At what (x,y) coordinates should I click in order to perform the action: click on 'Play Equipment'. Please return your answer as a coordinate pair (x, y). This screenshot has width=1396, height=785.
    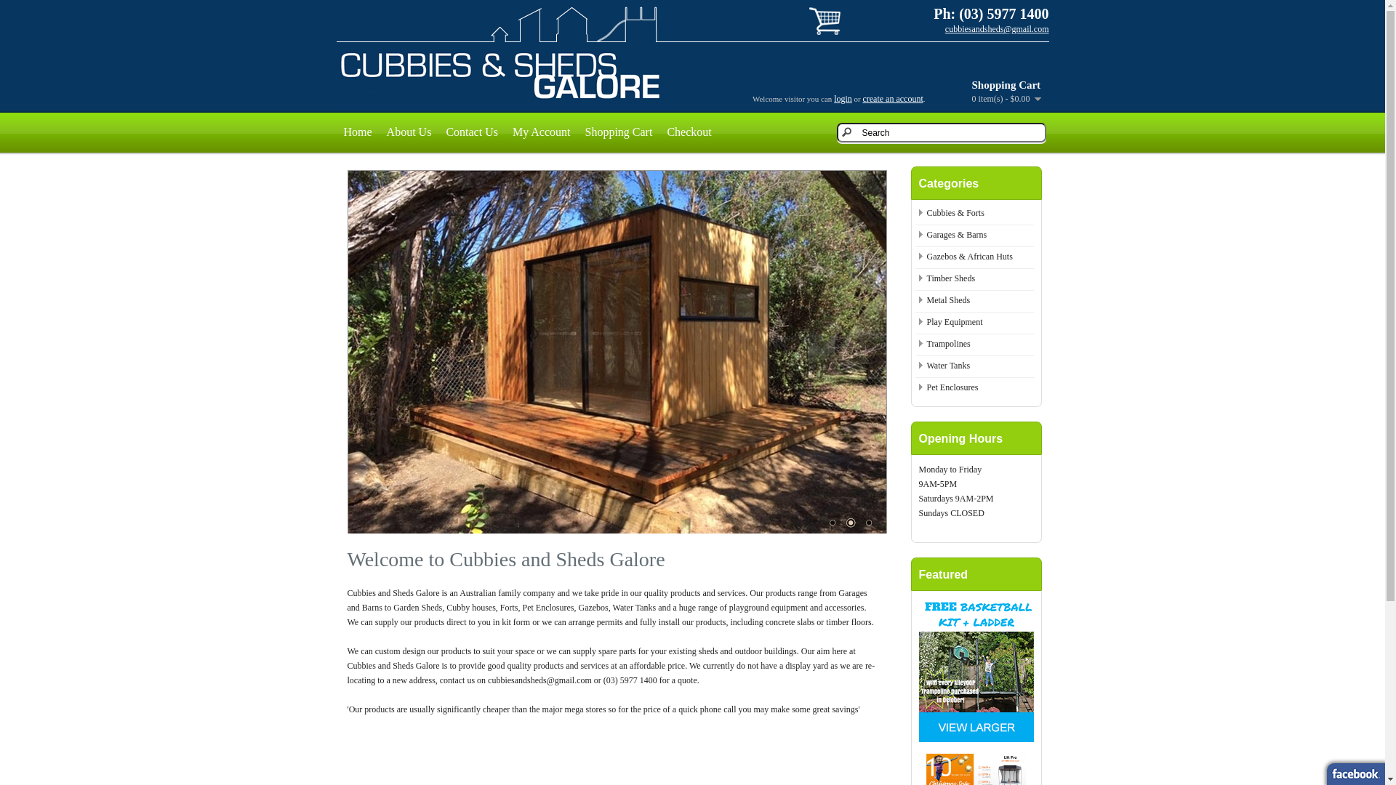
    Looking at the image, I should click on (954, 321).